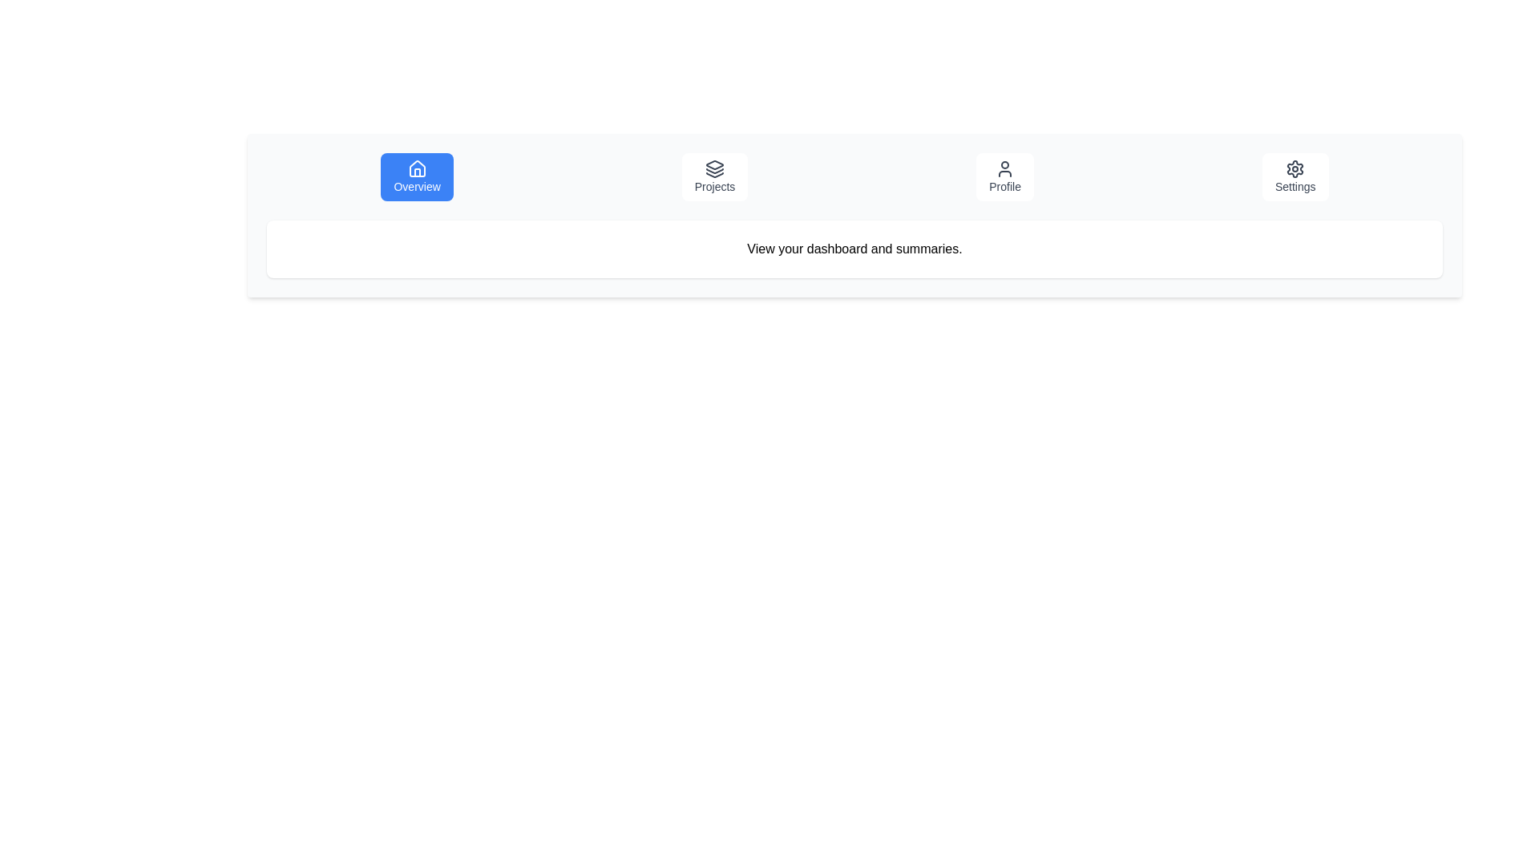  I want to click on the tab labeled Overview, so click(417, 176).